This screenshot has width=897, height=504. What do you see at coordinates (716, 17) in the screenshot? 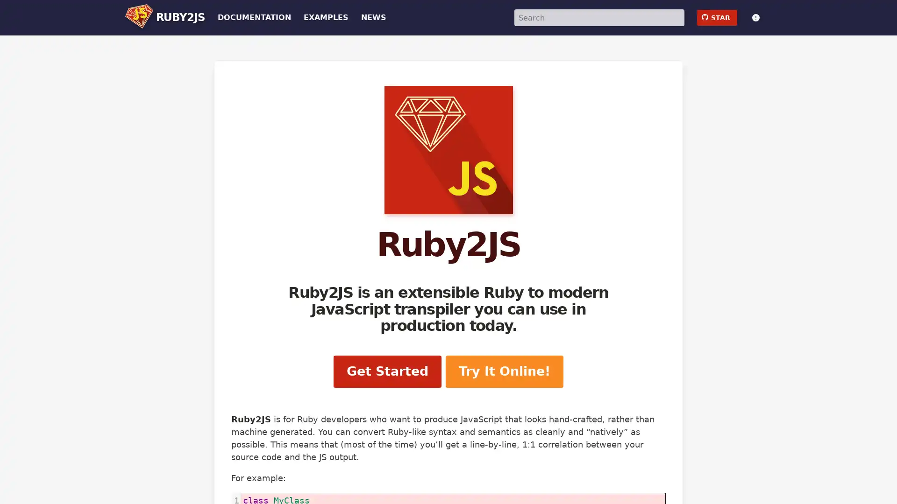
I see `github STAR` at bounding box center [716, 17].